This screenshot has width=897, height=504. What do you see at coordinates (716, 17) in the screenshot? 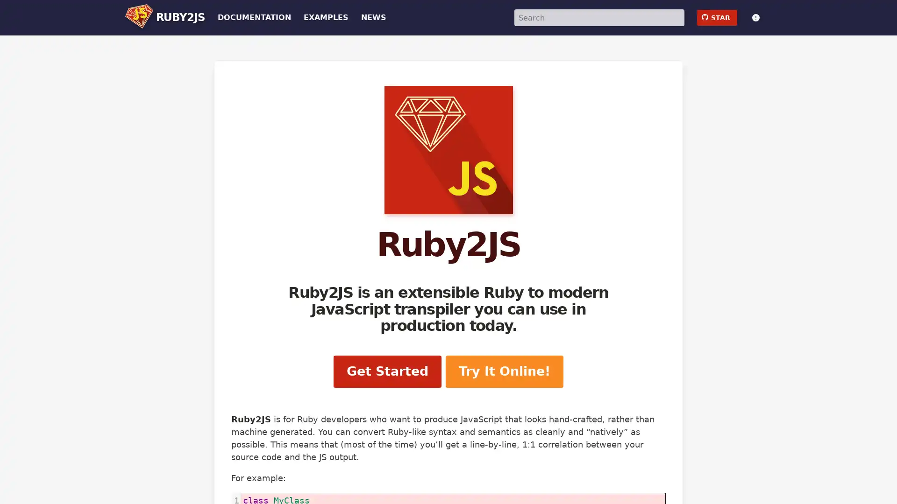
I see `github STAR` at bounding box center [716, 17].